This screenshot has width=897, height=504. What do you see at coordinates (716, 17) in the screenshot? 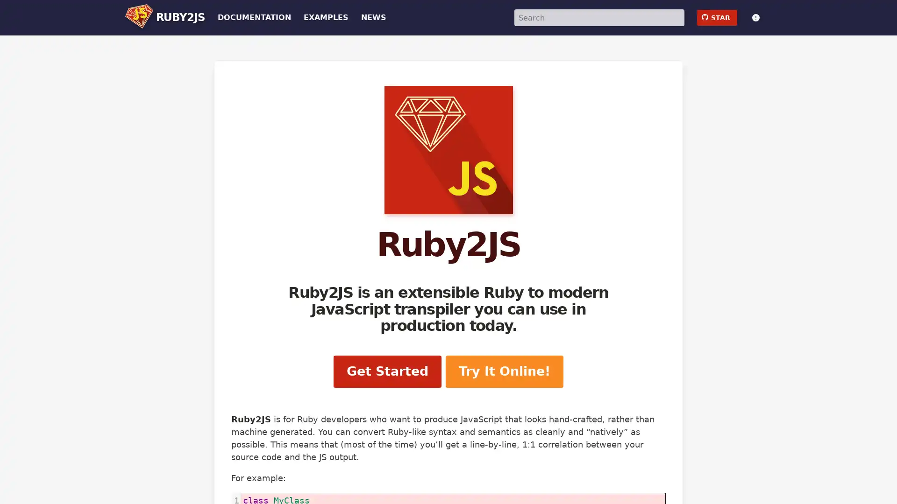
I see `github STAR` at bounding box center [716, 17].